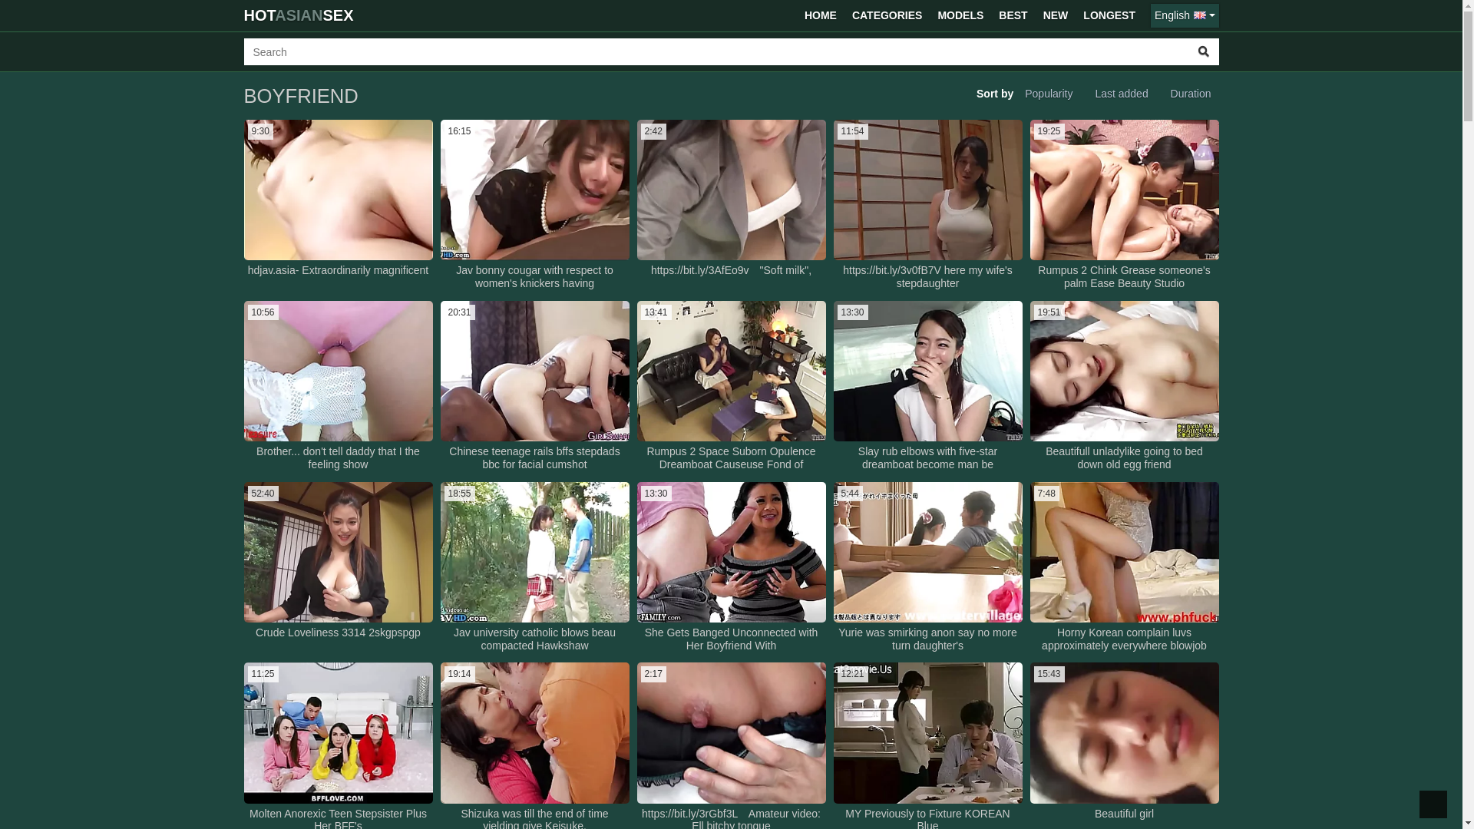  I want to click on 'LONGEST', so click(1109, 15).